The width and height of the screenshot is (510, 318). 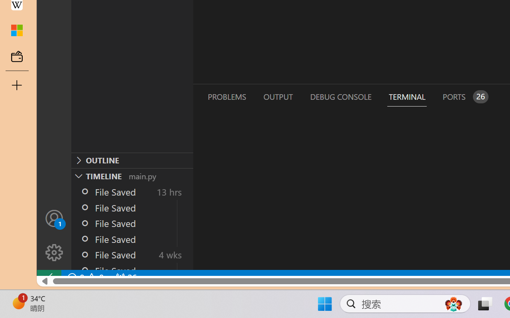 What do you see at coordinates (132, 175) in the screenshot?
I see `'Timeline Section'` at bounding box center [132, 175].